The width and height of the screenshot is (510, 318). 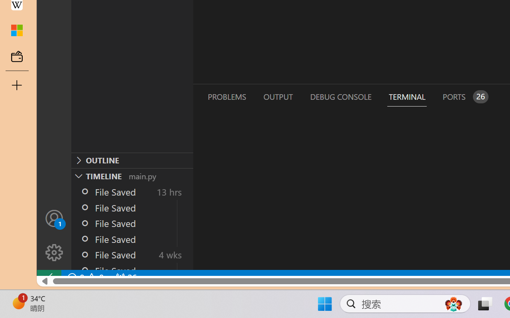 What do you see at coordinates (132, 175) in the screenshot?
I see `'Timeline Section'` at bounding box center [132, 175].